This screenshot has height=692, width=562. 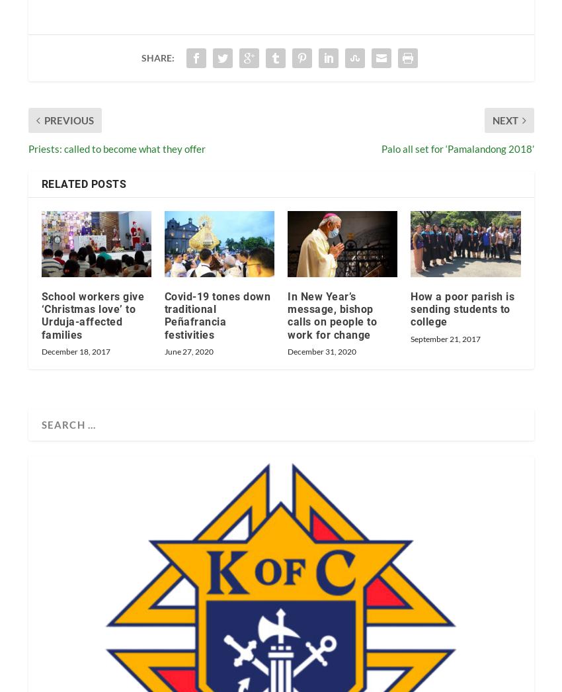 I want to click on 'Related Posts', so click(x=83, y=184).